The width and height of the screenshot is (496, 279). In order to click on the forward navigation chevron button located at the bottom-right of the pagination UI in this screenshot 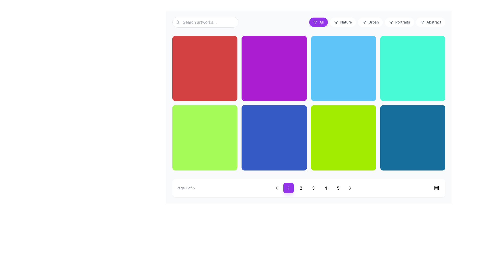, I will do `click(350, 188)`.